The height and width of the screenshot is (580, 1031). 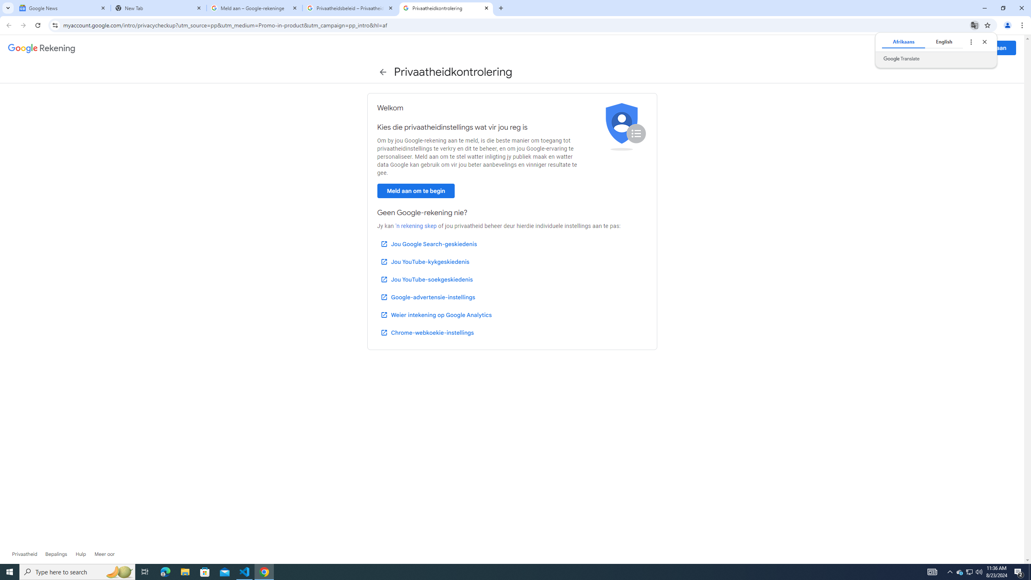 I want to click on 'Privaatheidkontrolering', so click(x=446, y=8).